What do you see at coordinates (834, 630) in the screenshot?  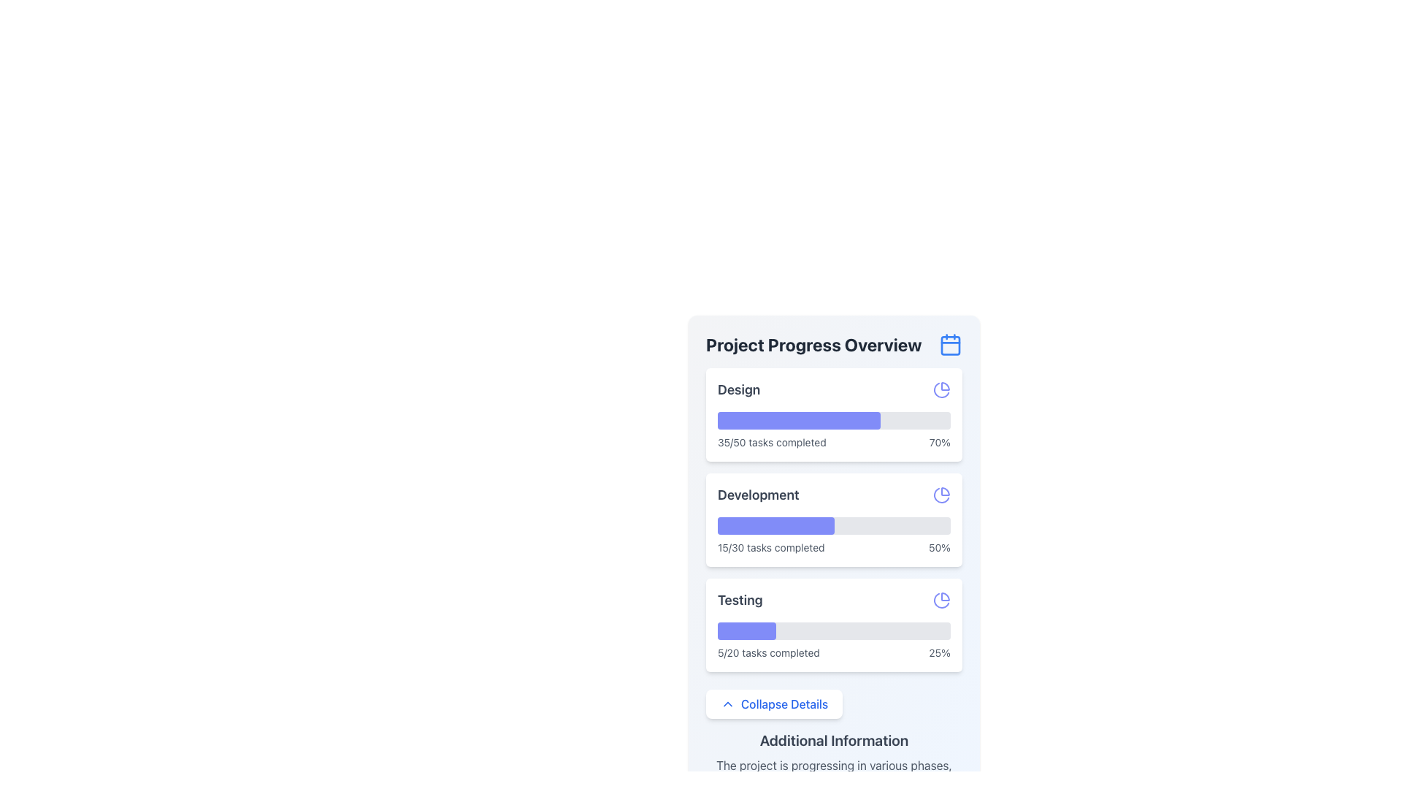 I see `the progress bar that visually represents 25% completion of tasks in the 'Testing' phase, located below the 'Testing' title and '5/20 tasks completed' subtitle` at bounding box center [834, 630].